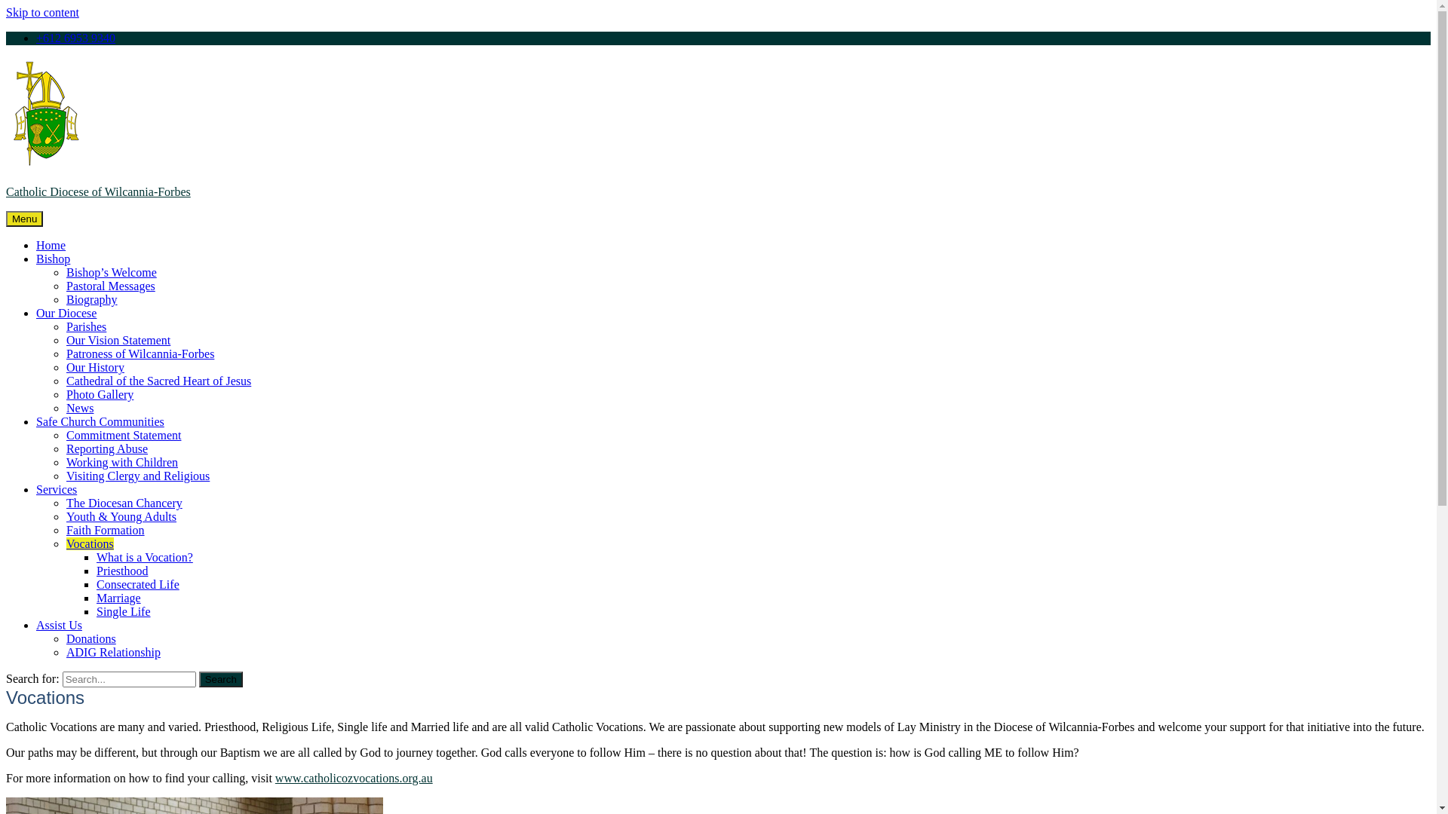 This screenshot has height=814, width=1448. What do you see at coordinates (123, 611) in the screenshot?
I see `'Single Life'` at bounding box center [123, 611].